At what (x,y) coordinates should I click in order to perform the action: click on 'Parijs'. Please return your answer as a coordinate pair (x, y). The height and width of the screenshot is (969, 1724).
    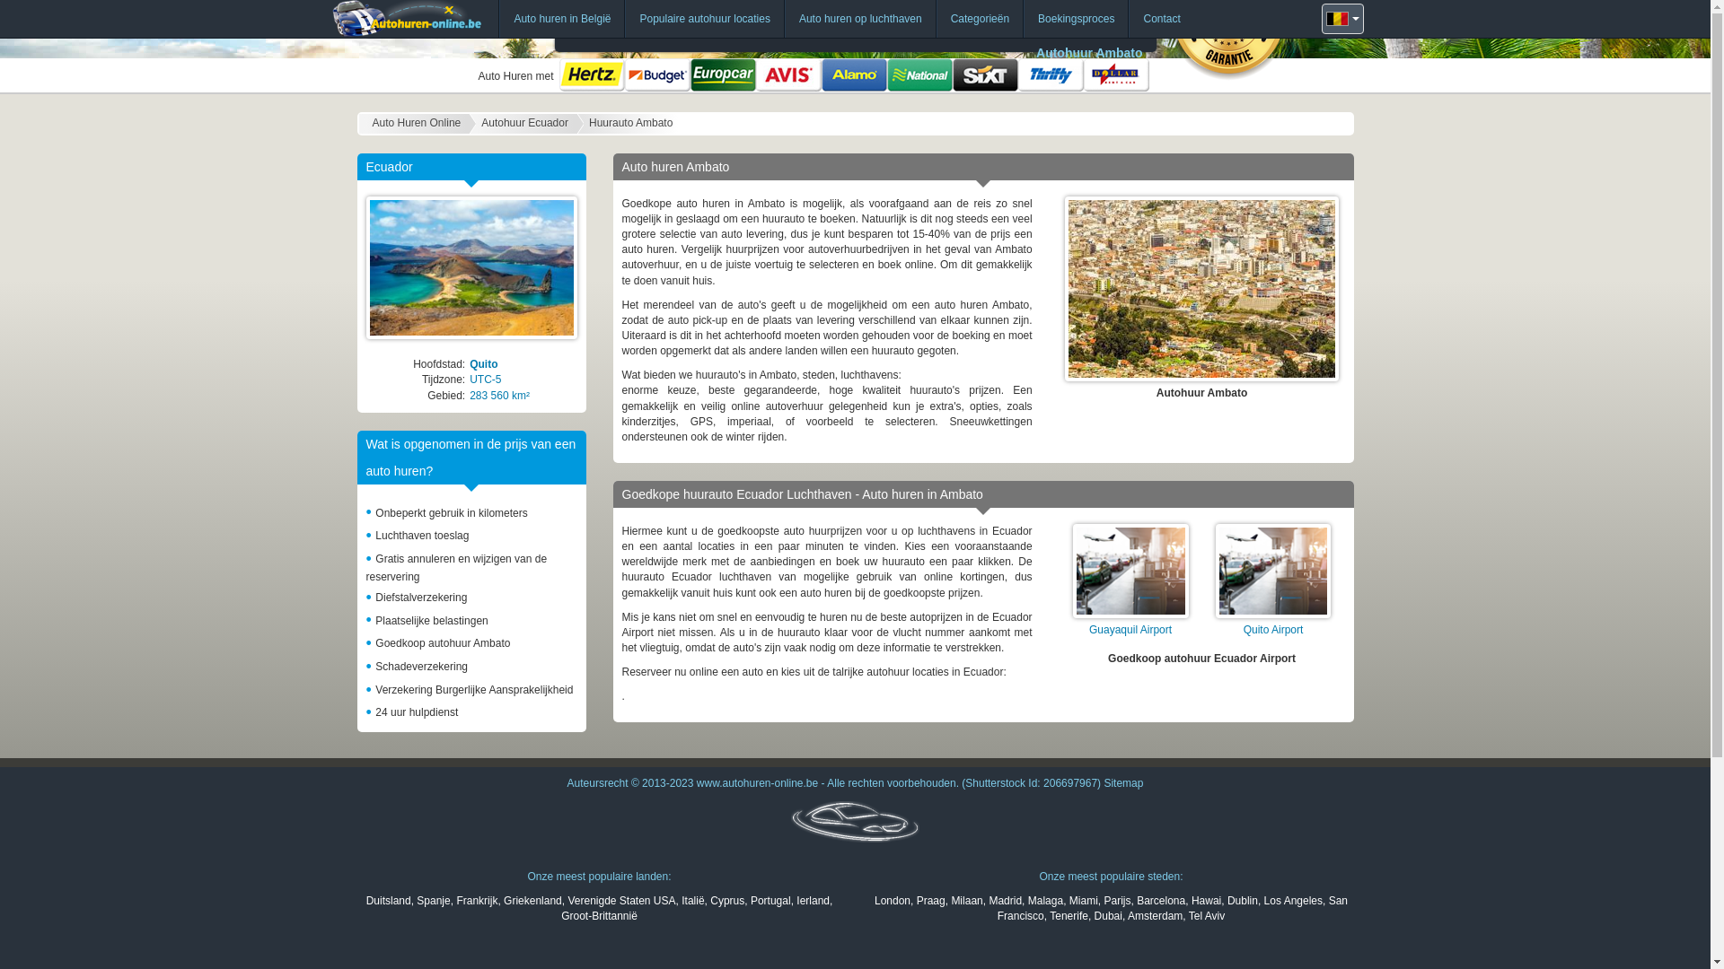
    Looking at the image, I should click on (1102, 900).